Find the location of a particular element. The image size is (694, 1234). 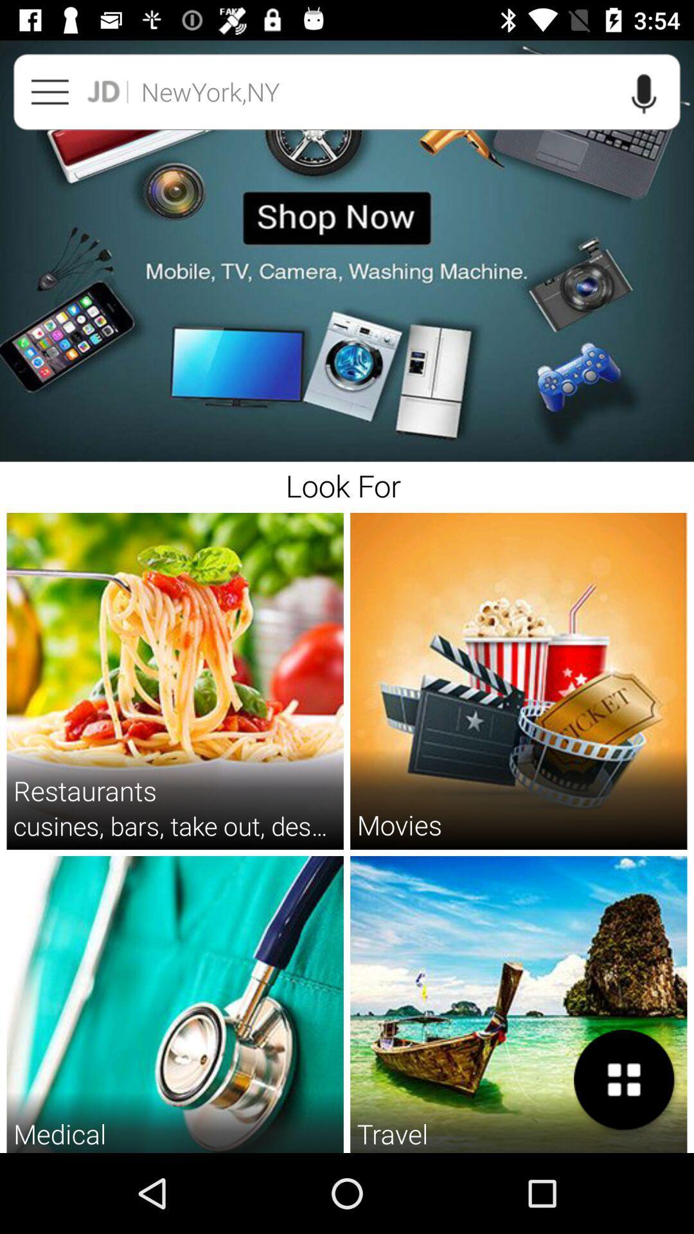

the cusines bars take is located at coordinates (175, 826).